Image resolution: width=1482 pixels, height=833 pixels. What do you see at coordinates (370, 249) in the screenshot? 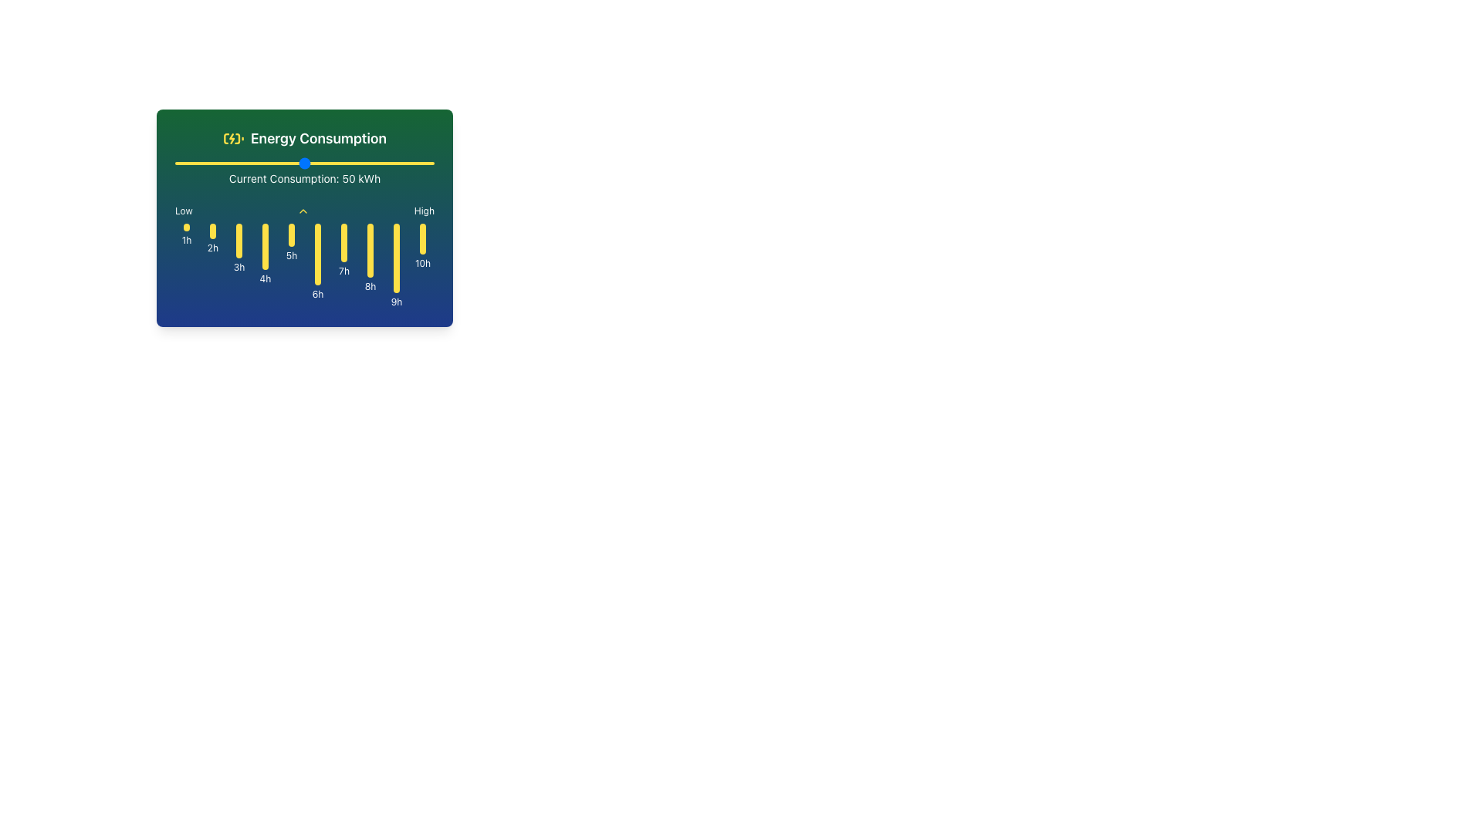
I see `the narrow, vertically-oriented yellow rectangle with rounded top and bottom that represents a time interval at the '8h' label, positioned against a blue background` at bounding box center [370, 249].